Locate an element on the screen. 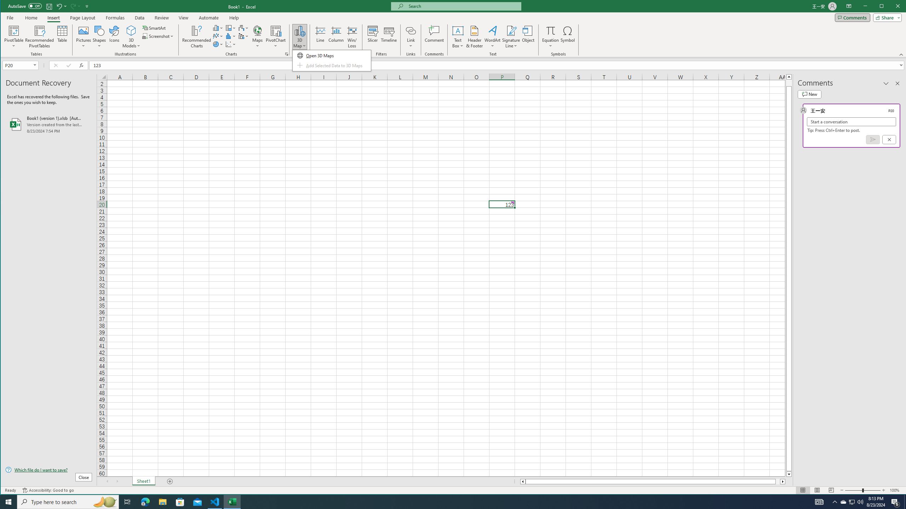 The width and height of the screenshot is (906, 509). 'Excel - 1 running window' is located at coordinates (232, 501).